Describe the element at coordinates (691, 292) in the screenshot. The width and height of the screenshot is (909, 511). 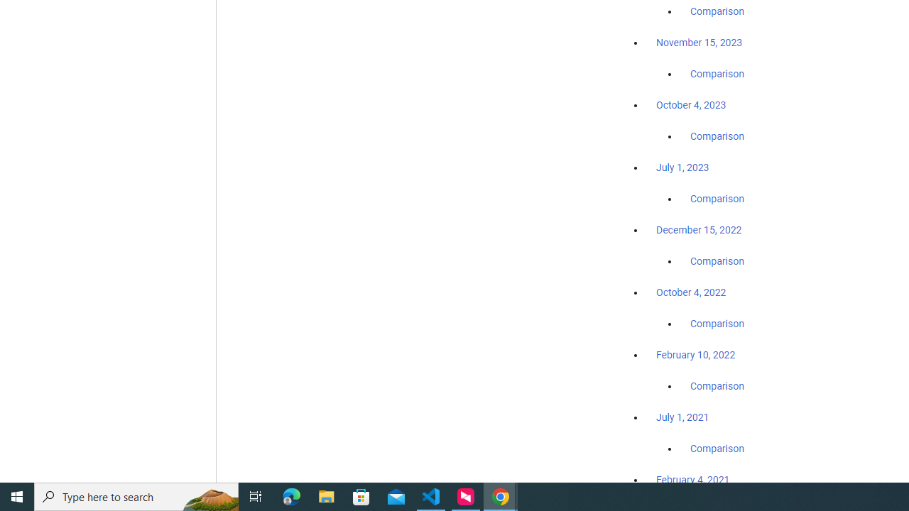
I see `'October 4, 2022'` at that location.